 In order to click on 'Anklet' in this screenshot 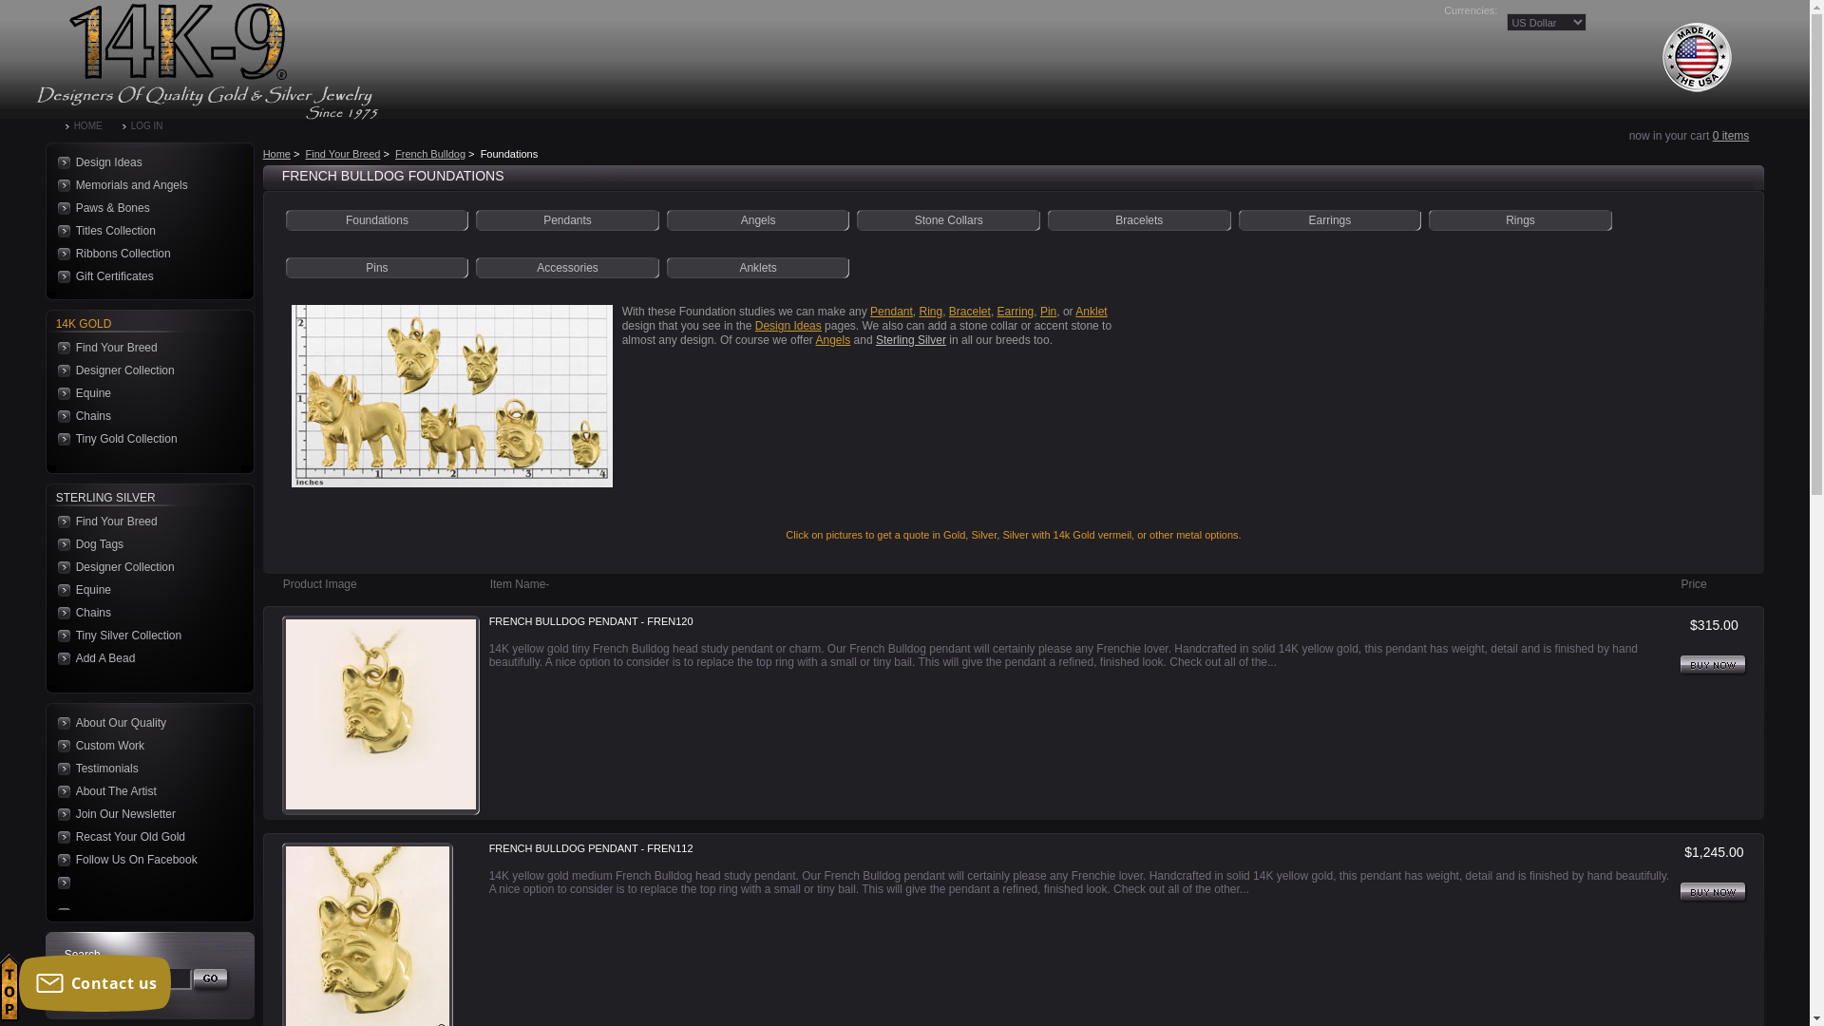, I will do `click(1091, 310)`.